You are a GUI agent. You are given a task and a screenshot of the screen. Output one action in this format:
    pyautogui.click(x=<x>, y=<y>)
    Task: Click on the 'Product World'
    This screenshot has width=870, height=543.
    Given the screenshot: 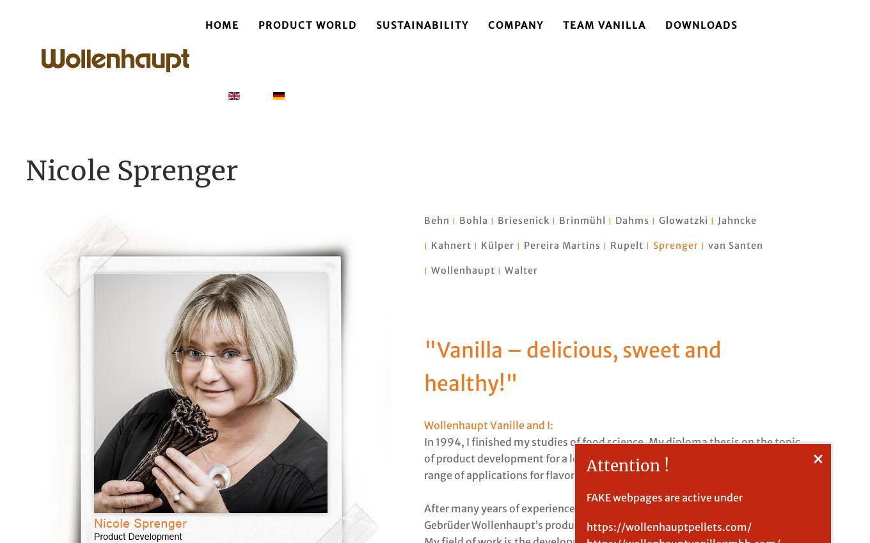 What is the action you would take?
    pyautogui.click(x=258, y=24)
    